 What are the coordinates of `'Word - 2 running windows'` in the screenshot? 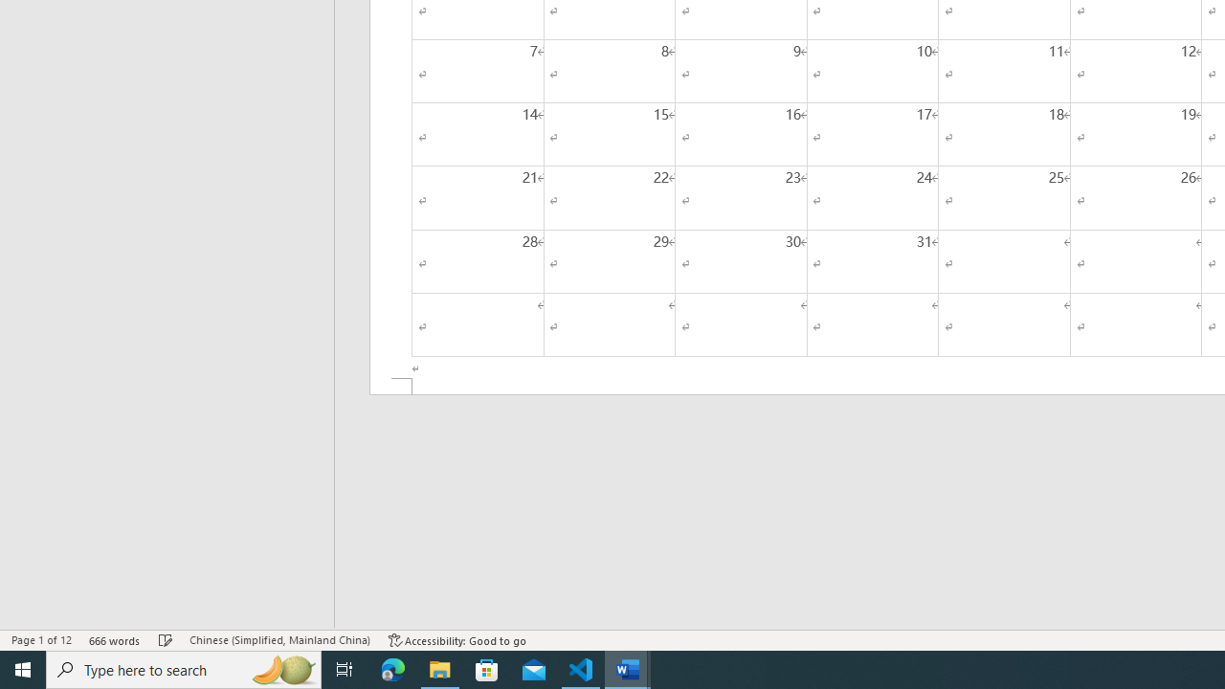 It's located at (628, 668).